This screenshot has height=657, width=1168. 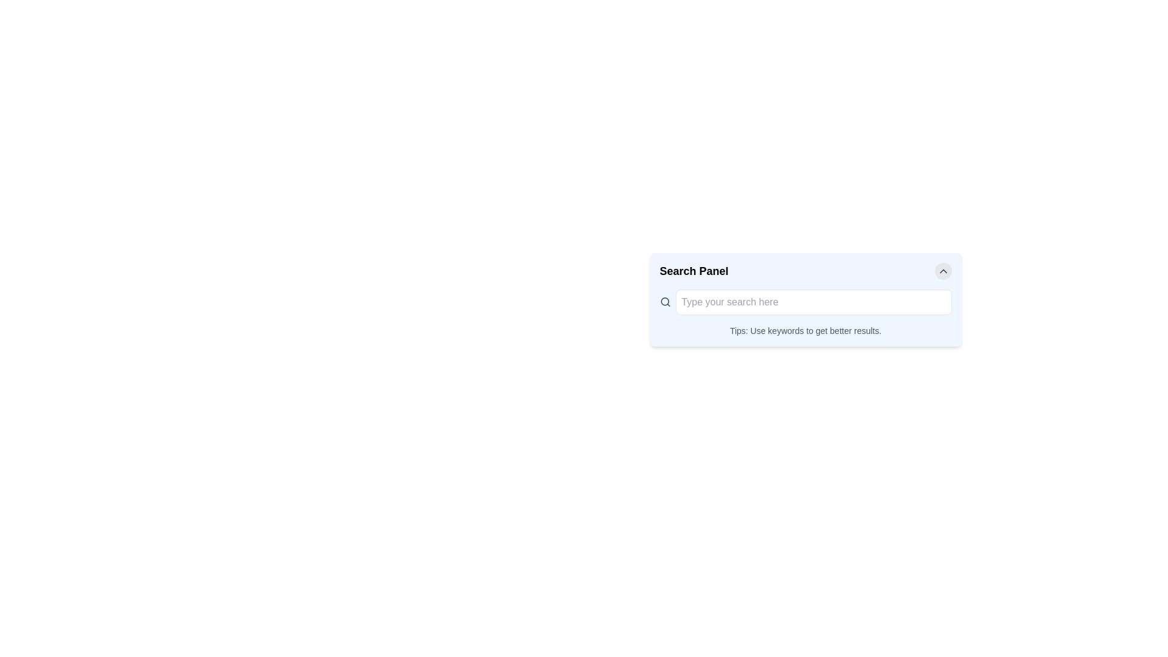 I want to click on the decorative circle of the magnifying glass icon located in the 'Search Panel' section near the top-left corner inside the input field, so click(x=664, y=301).